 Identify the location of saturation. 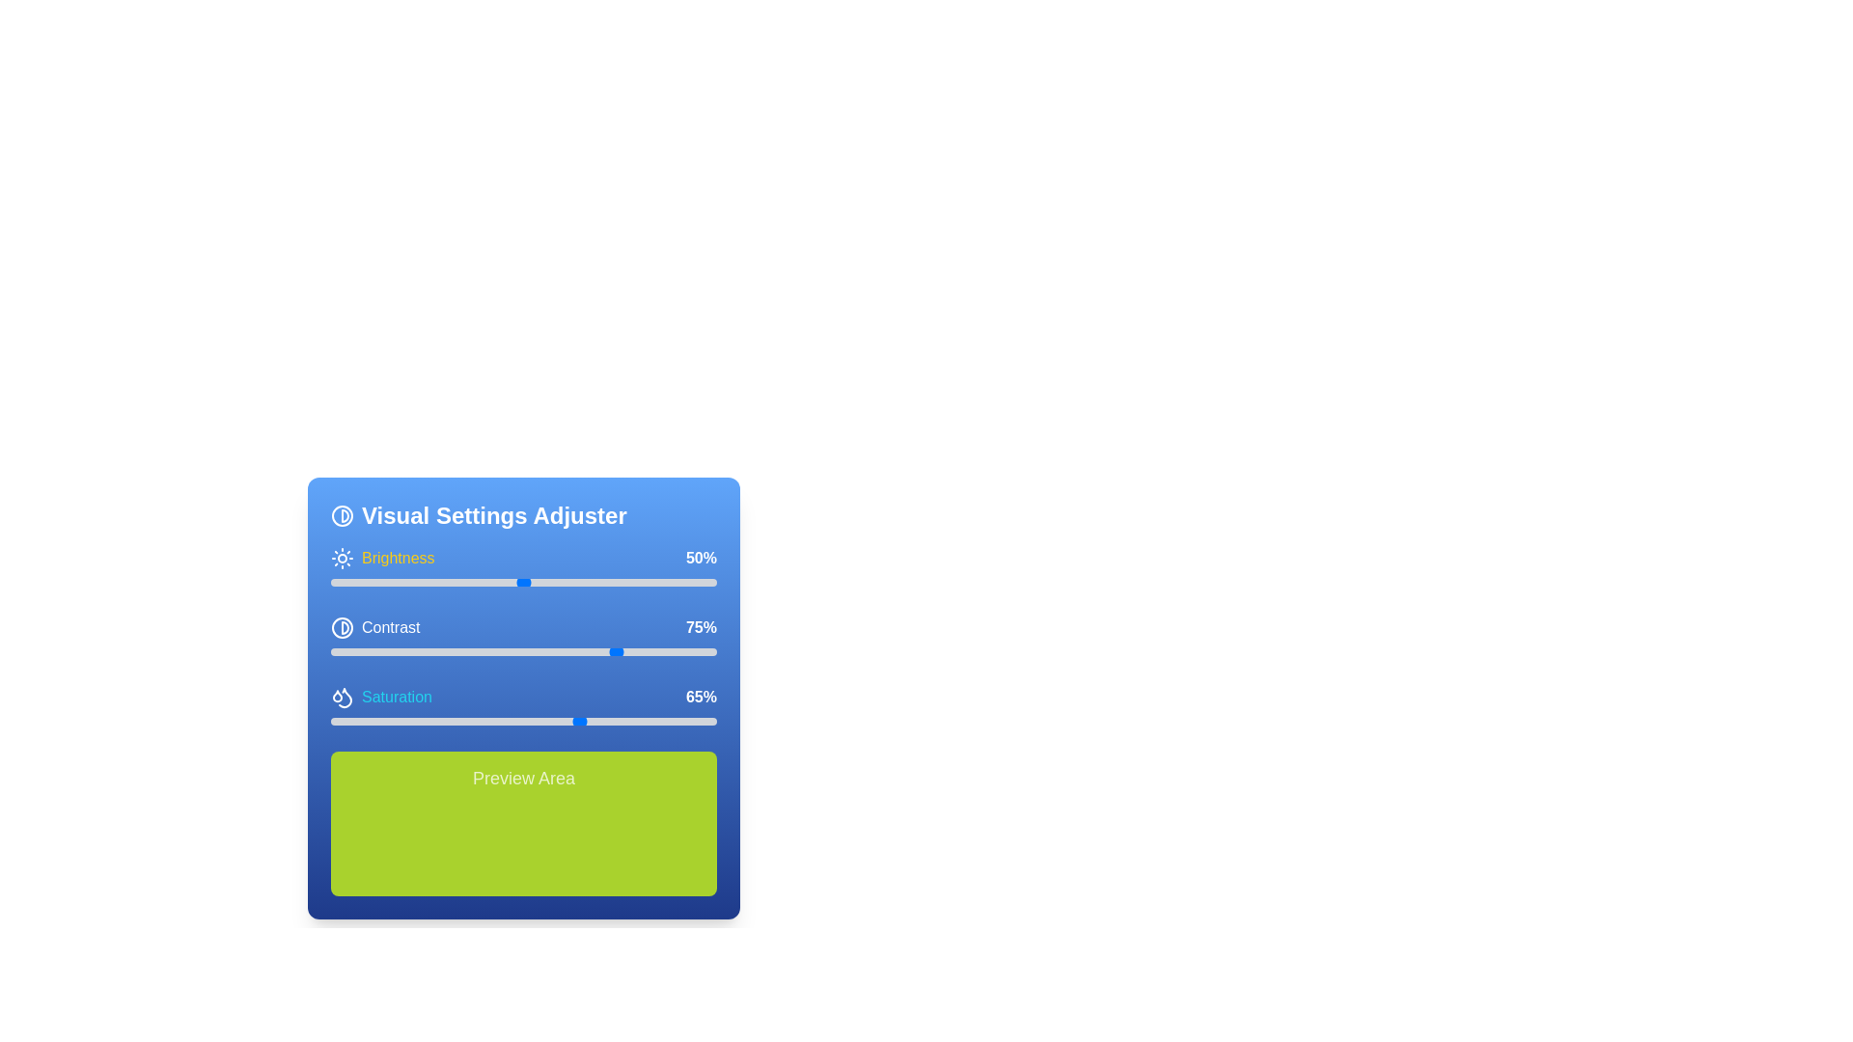
(370, 722).